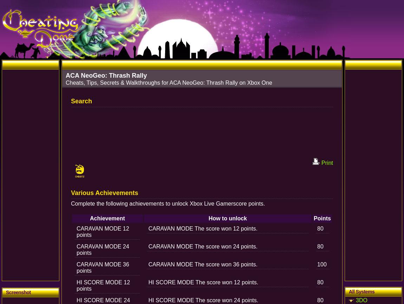 The width and height of the screenshot is (404, 304). What do you see at coordinates (168, 203) in the screenshot?
I see `'Complete the following achievements to unlock Xbox Live Gamerscore points.'` at bounding box center [168, 203].